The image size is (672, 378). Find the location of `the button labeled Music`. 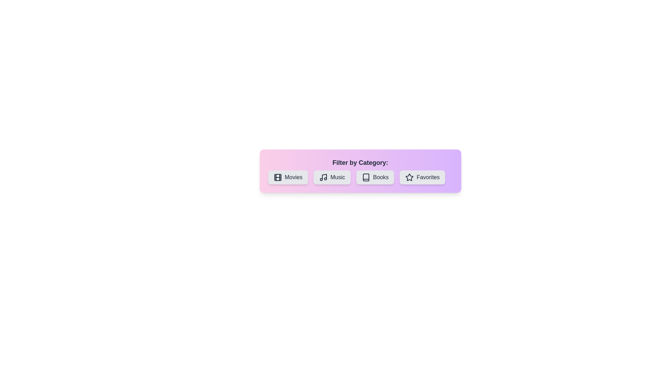

the button labeled Music is located at coordinates (332, 177).